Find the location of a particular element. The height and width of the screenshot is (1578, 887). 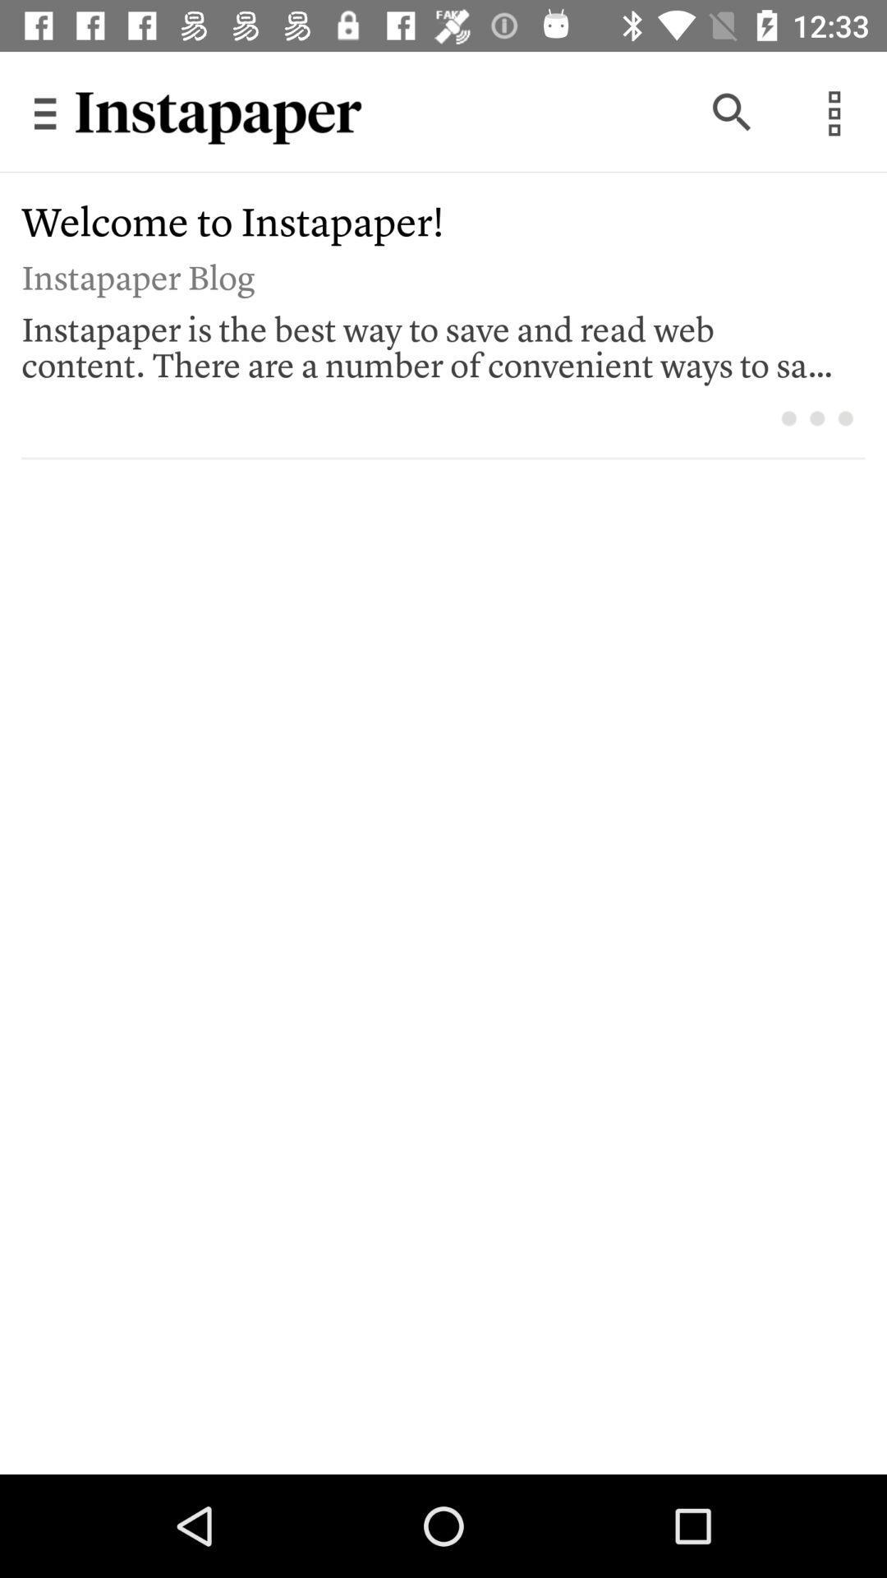

icon above the instapaper is the icon is located at coordinates (431, 275).